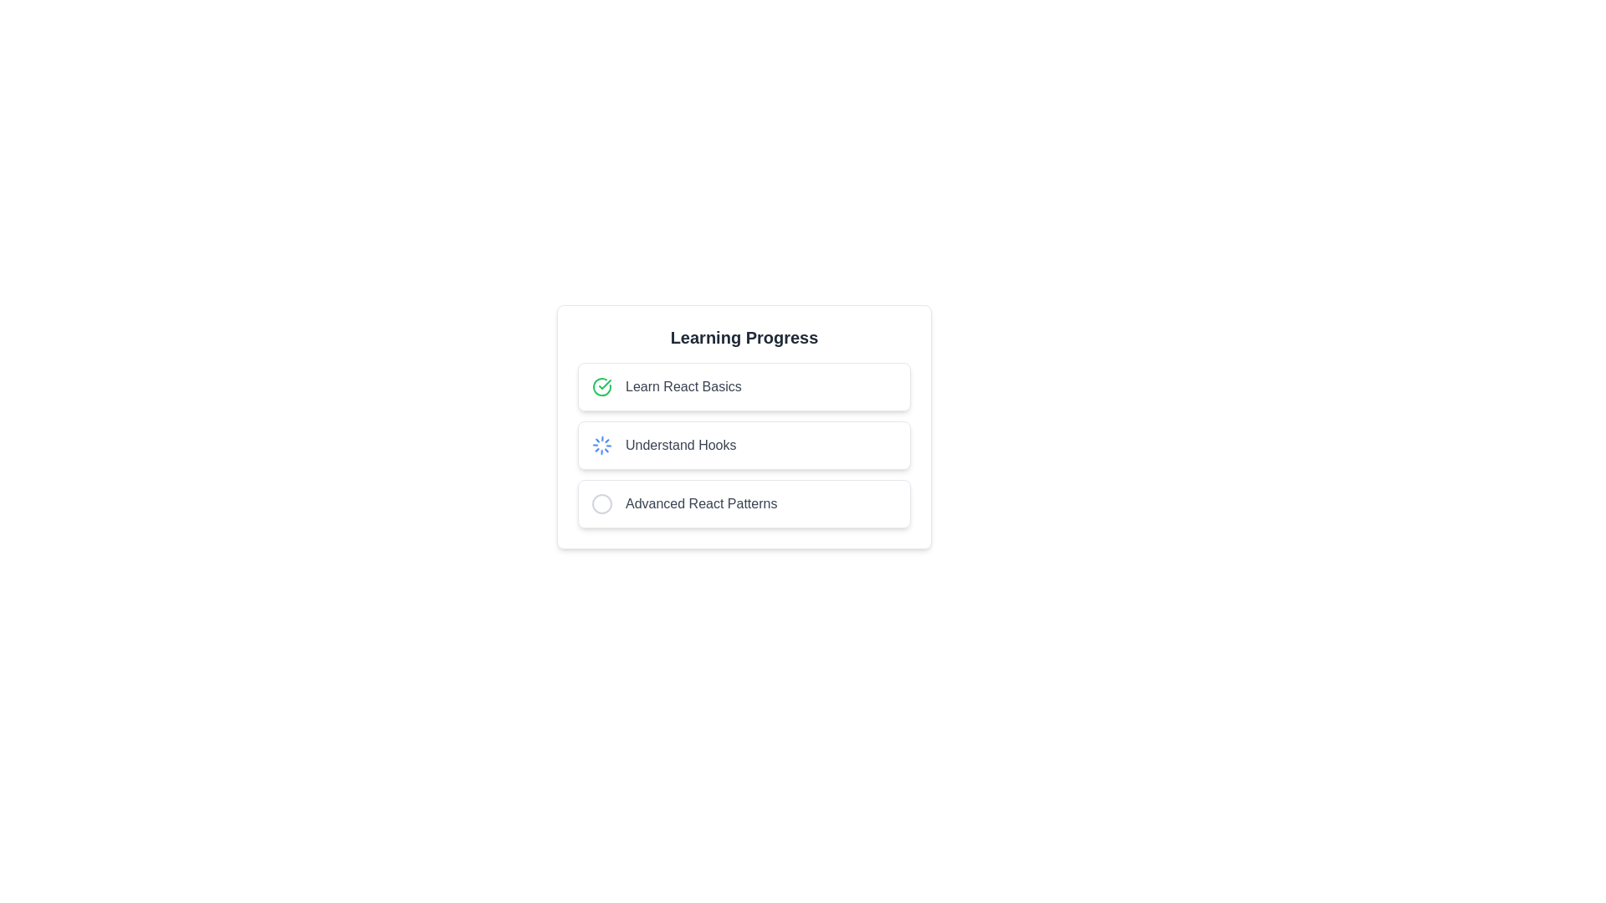 The width and height of the screenshot is (1606, 903). I want to click on the green circular icon with a checkmark located on the left side of the list item labeled 'Learn React Basics' in the 'Learning Progress' section, so click(602, 386).